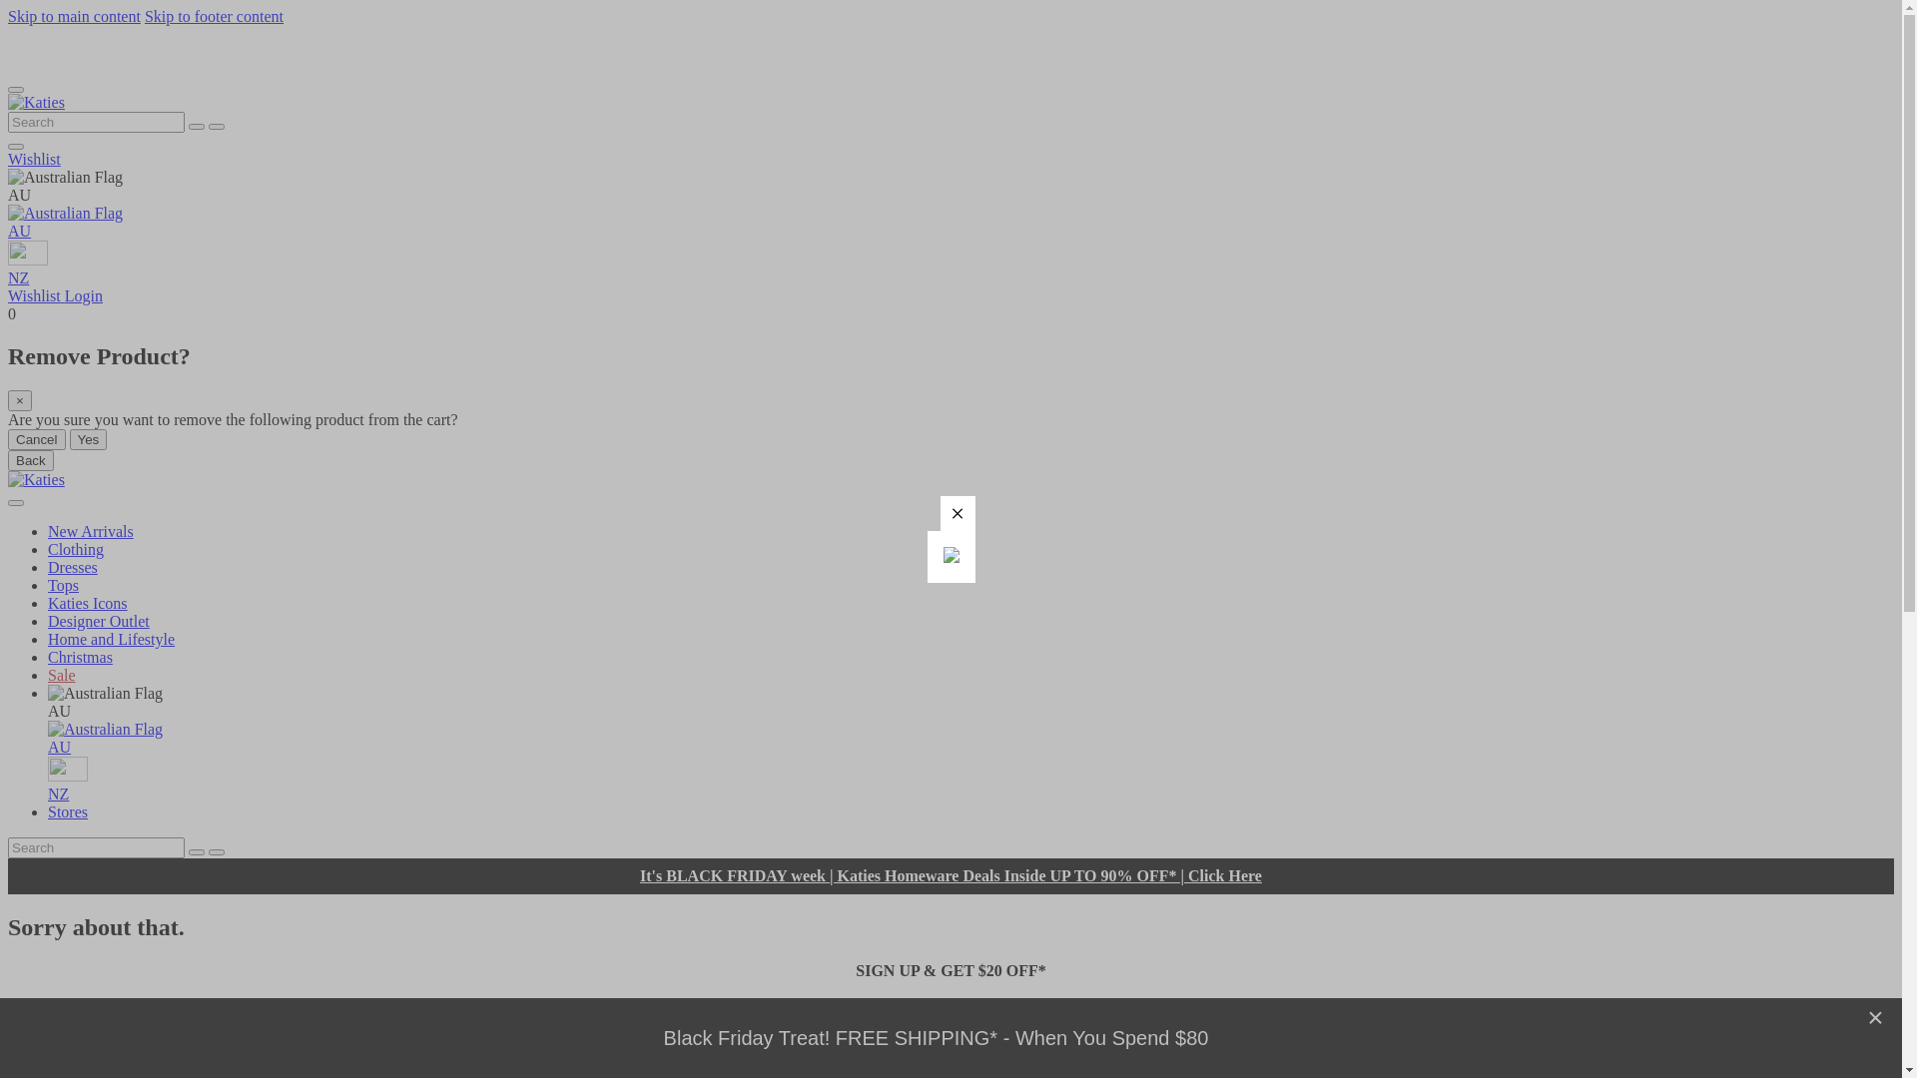  What do you see at coordinates (8, 16) in the screenshot?
I see `'Skip to main content'` at bounding box center [8, 16].